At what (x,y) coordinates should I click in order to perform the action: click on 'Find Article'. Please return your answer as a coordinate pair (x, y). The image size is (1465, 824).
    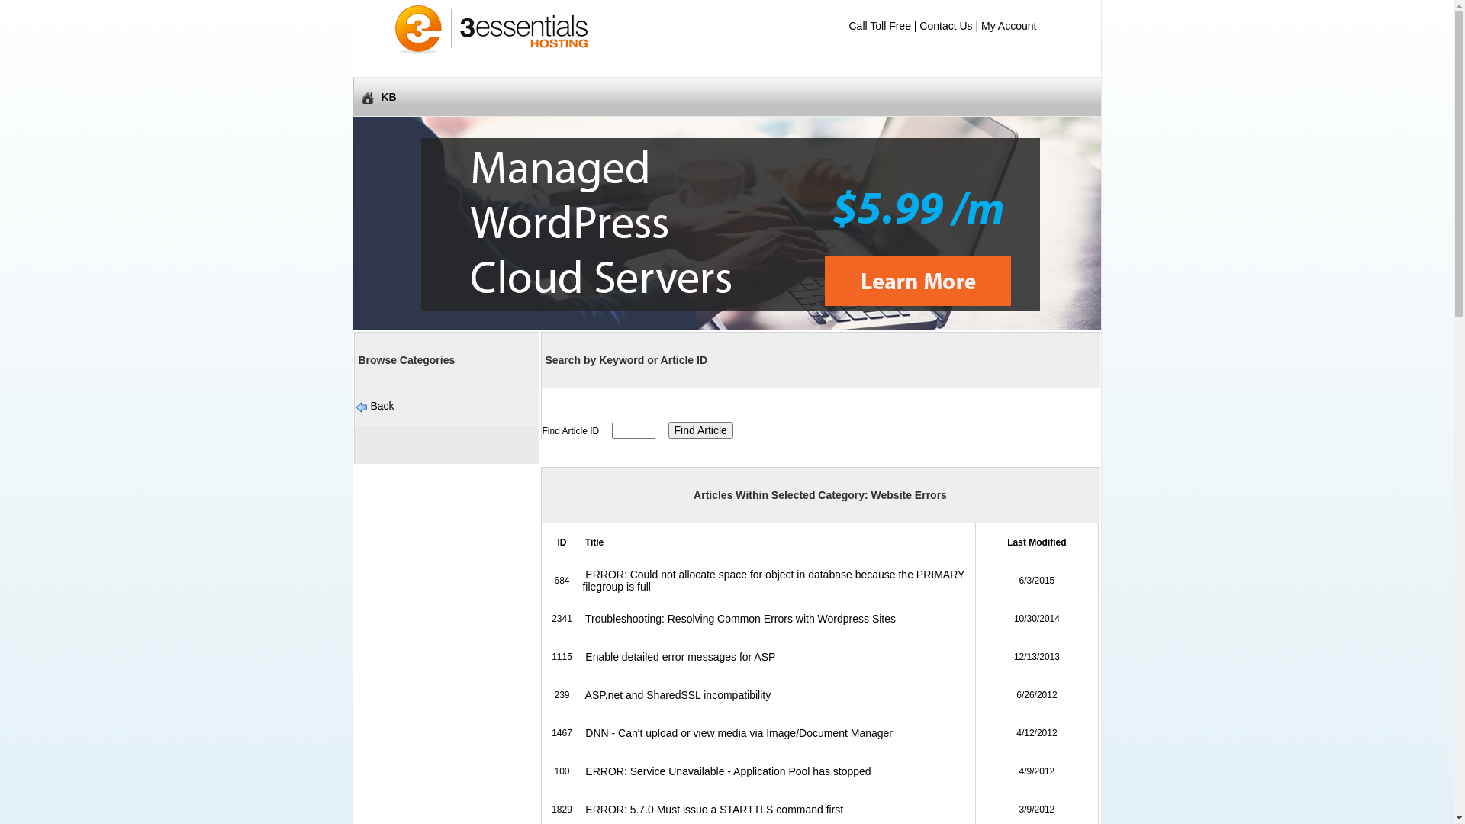
    Looking at the image, I should click on (700, 430).